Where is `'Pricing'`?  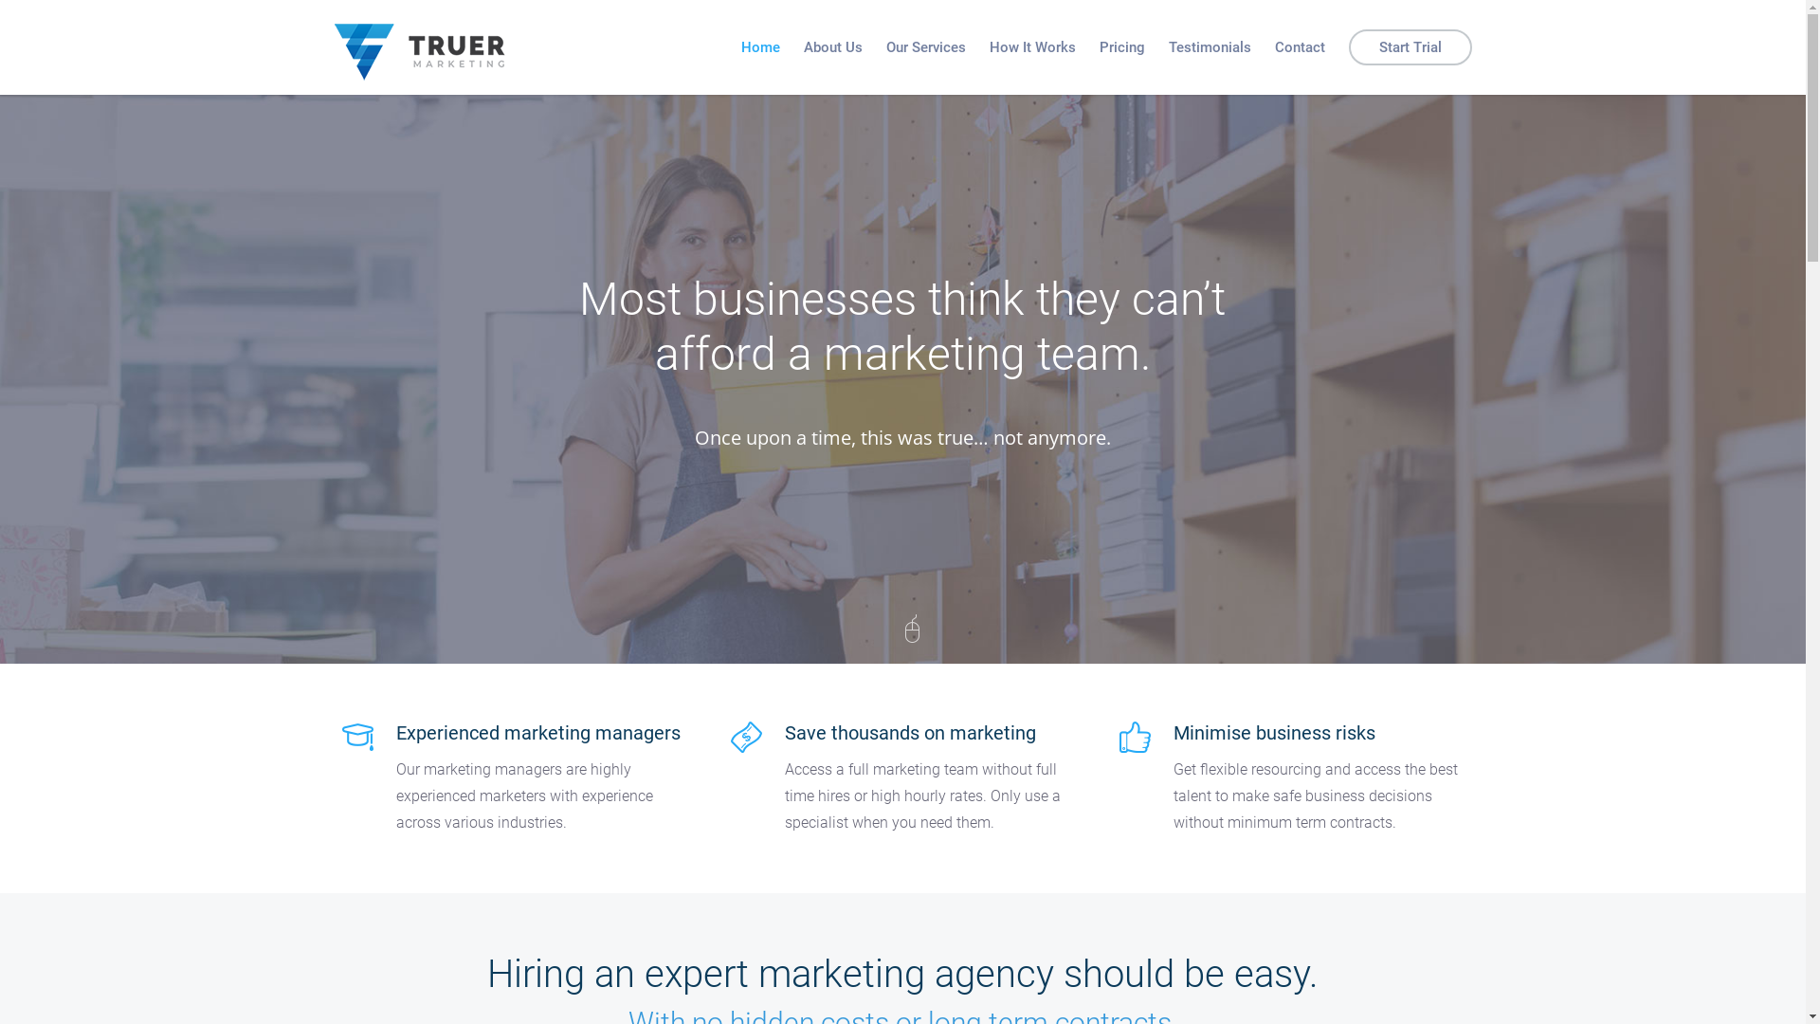 'Pricing' is located at coordinates (1122, 46).